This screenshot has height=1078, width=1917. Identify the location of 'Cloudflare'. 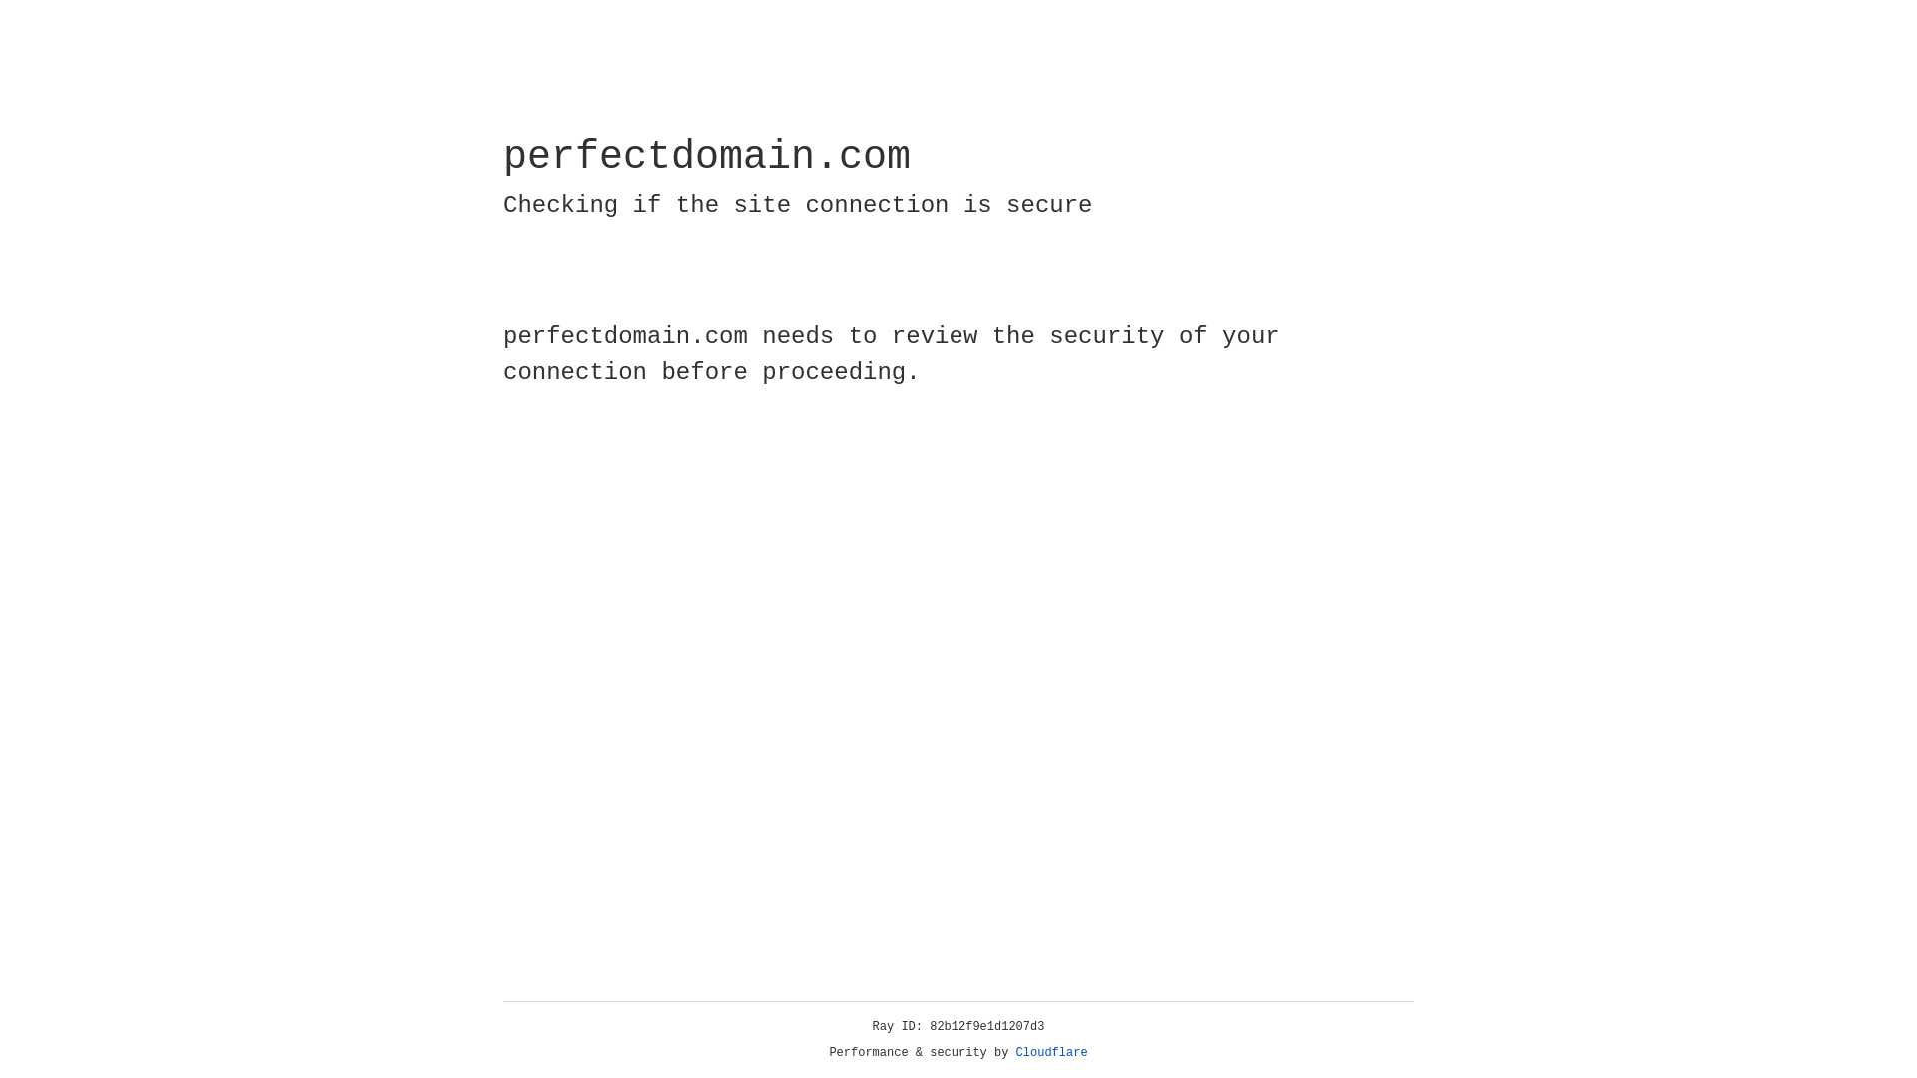
(1051, 1052).